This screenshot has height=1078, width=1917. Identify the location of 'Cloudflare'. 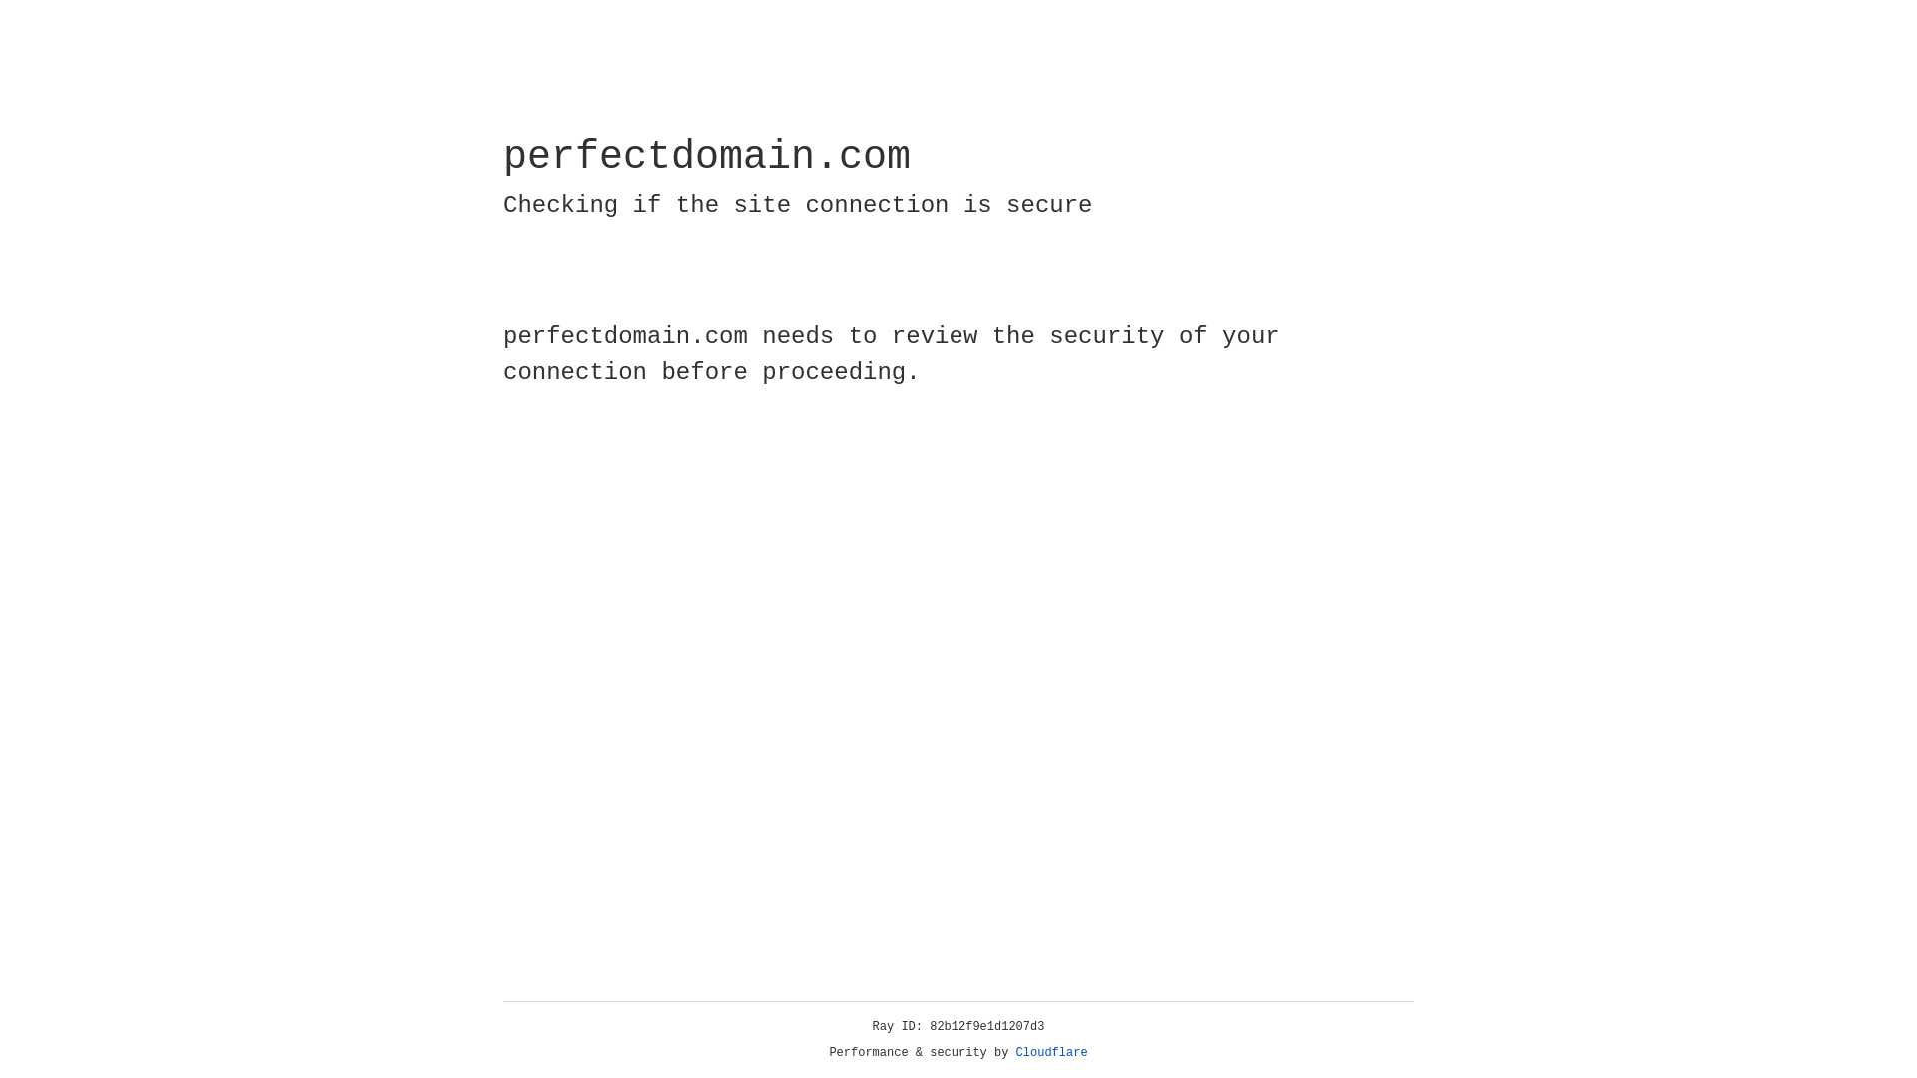
(1051, 1052).